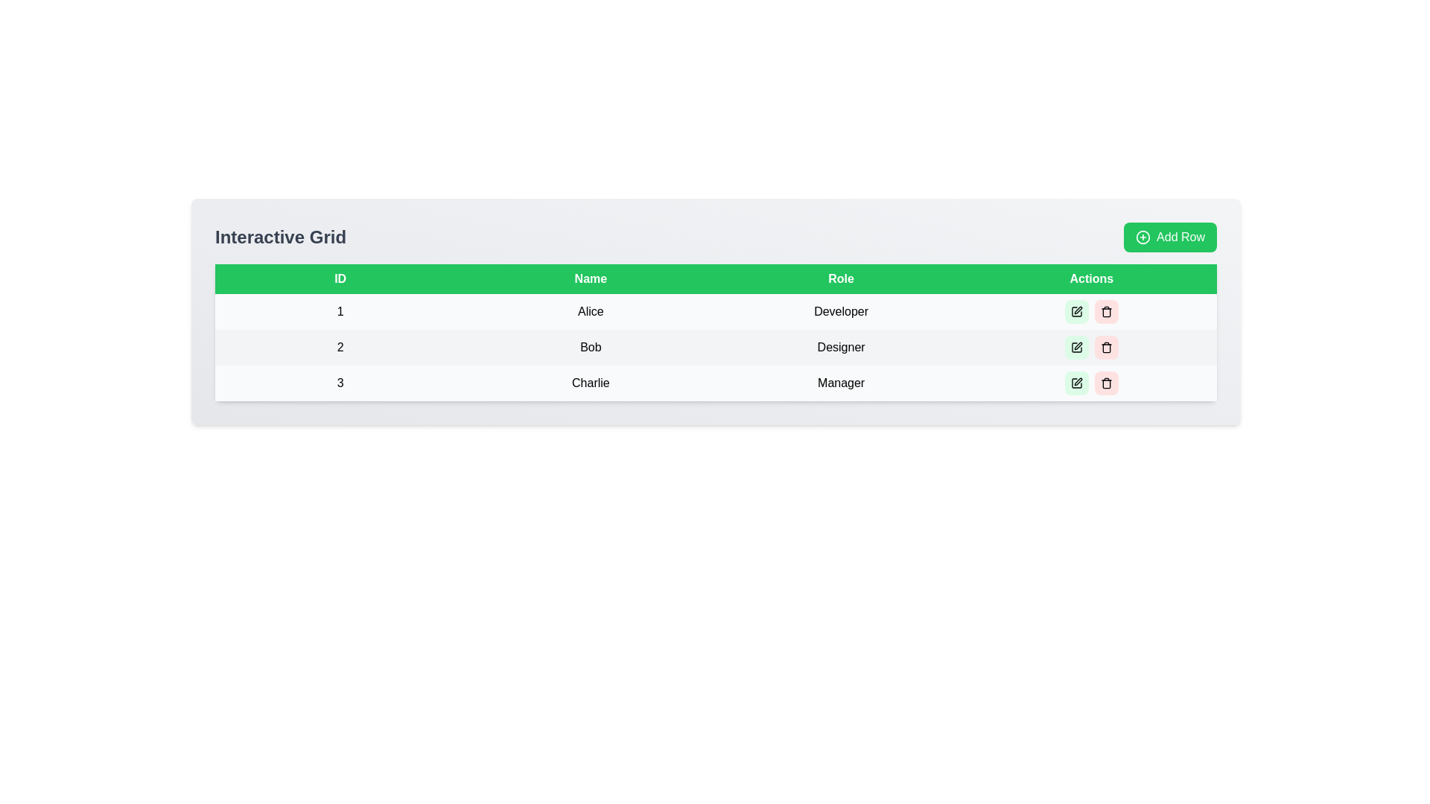 This screenshot has width=1430, height=804. I want to click on the static text element displaying 'Designer' located in the second row under the 'Role' column of a table layout, so click(841, 347).